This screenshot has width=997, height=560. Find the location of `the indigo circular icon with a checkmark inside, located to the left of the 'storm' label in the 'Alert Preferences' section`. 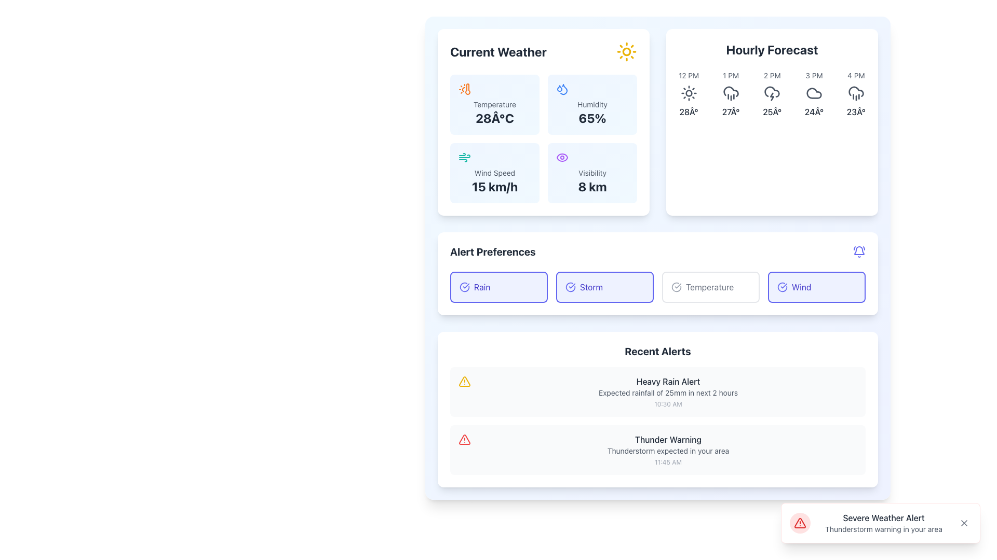

the indigo circular icon with a checkmark inside, located to the left of the 'storm' label in the 'Alert Preferences' section is located at coordinates (570, 287).